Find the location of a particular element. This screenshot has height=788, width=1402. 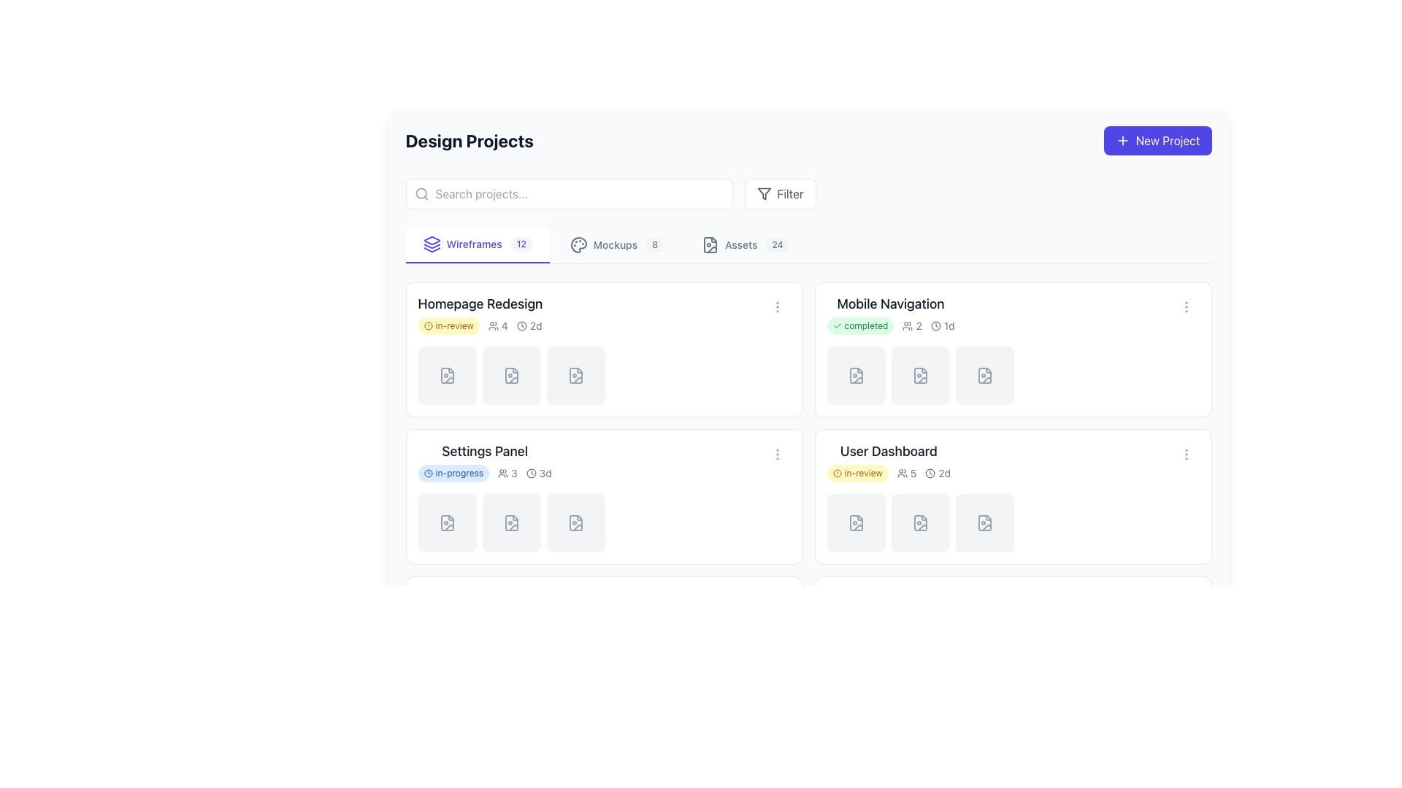

the fourth placeholder for file or item upload in the Settings Panel to interact with item or upload content is located at coordinates (604, 522).